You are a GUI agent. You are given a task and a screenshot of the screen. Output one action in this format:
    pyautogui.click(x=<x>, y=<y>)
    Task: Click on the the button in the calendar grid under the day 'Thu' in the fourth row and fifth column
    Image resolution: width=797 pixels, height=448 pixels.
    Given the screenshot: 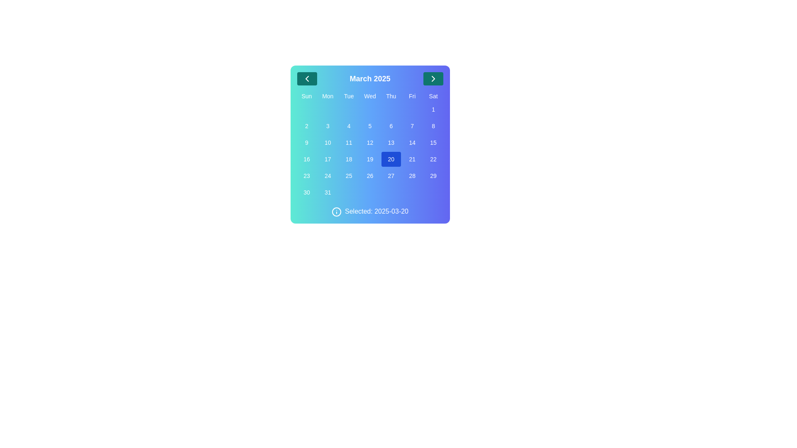 What is the action you would take?
    pyautogui.click(x=390, y=159)
    